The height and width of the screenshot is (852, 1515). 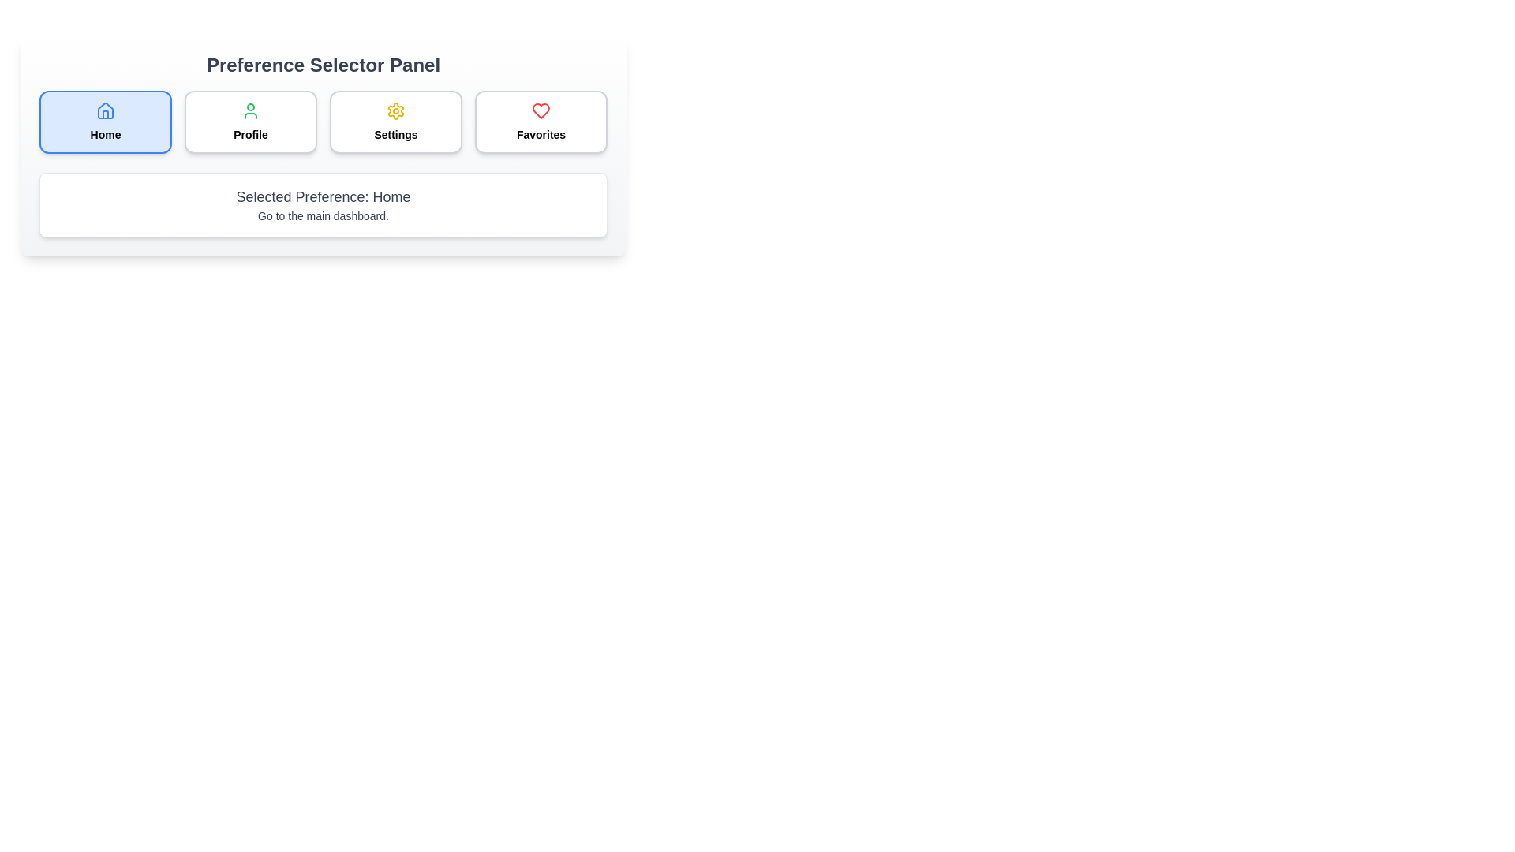 What do you see at coordinates (322, 204) in the screenshot?
I see `the informational text block that displays 'Selected Preference: Home' and 'Go to the main dashboard' within the Preference Selector Panel` at bounding box center [322, 204].